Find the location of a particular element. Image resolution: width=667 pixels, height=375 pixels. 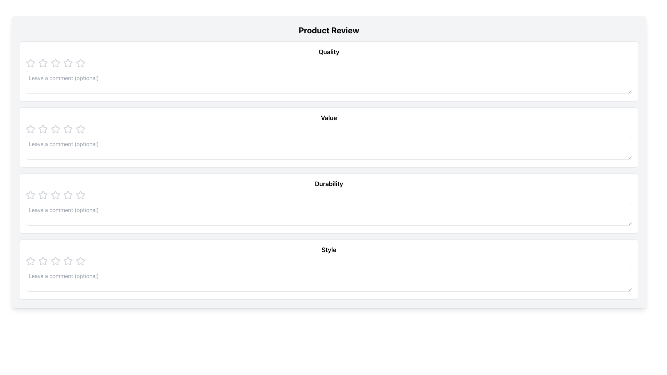

the first star icon in the rating system for accessibility options is located at coordinates (30, 63).